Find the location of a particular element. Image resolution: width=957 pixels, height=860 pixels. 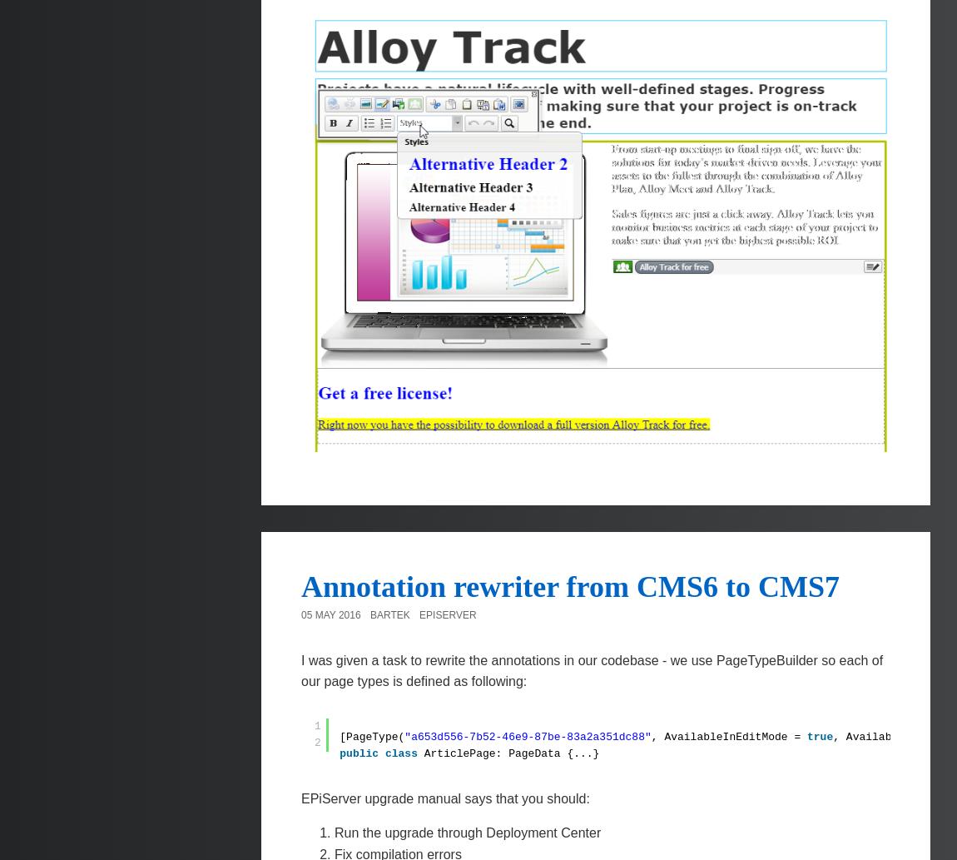

'"a653d556-7b52-46e9-87be-83a2a351dc88"' is located at coordinates (526, 735).